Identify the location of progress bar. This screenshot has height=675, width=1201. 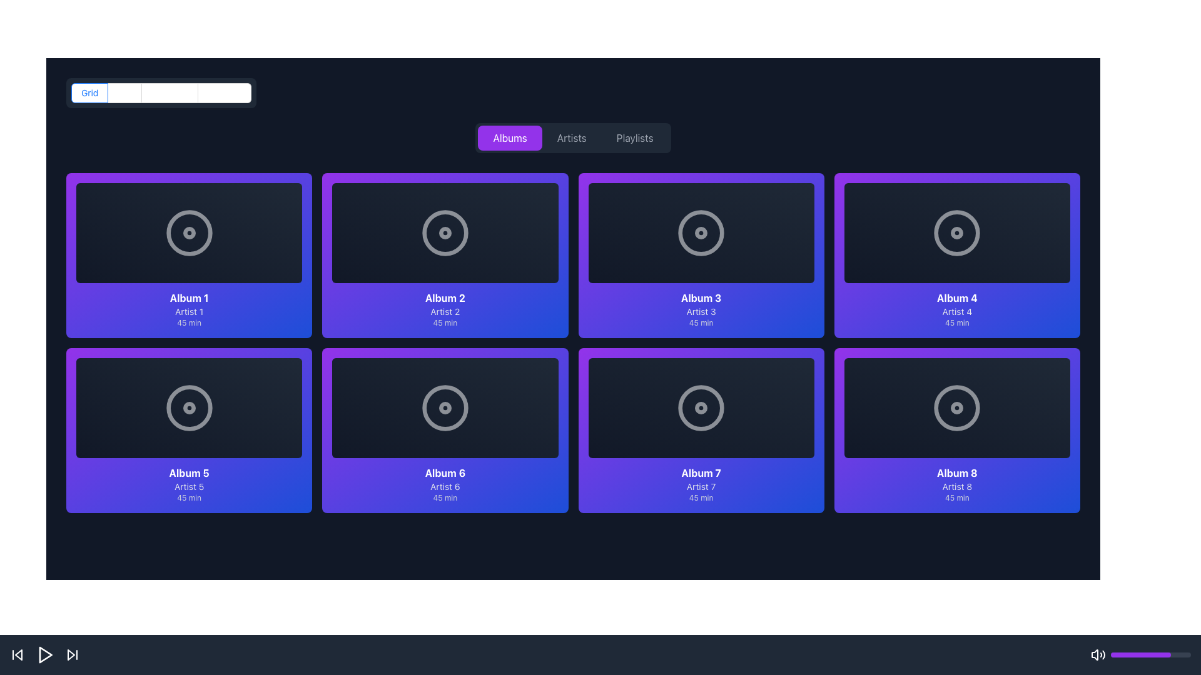
(1117, 654).